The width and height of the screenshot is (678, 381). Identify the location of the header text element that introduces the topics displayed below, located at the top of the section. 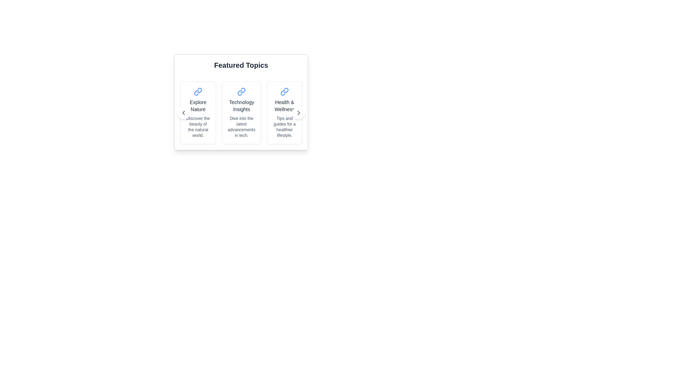
(241, 65).